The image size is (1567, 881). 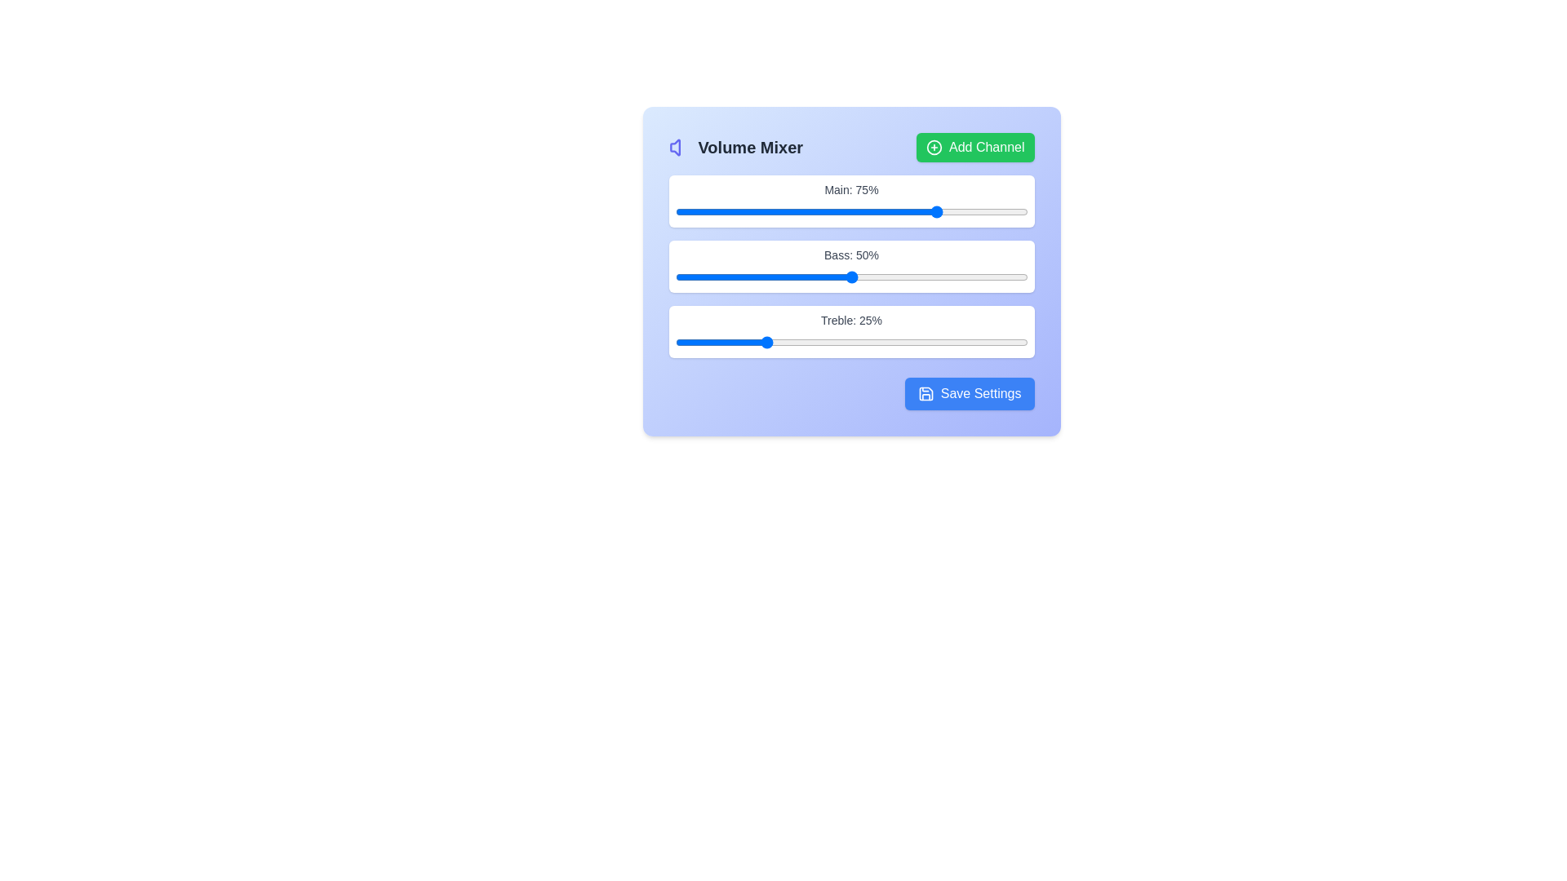 What do you see at coordinates (950, 276) in the screenshot?
I see `bass level` at bounding box center [950, 276].